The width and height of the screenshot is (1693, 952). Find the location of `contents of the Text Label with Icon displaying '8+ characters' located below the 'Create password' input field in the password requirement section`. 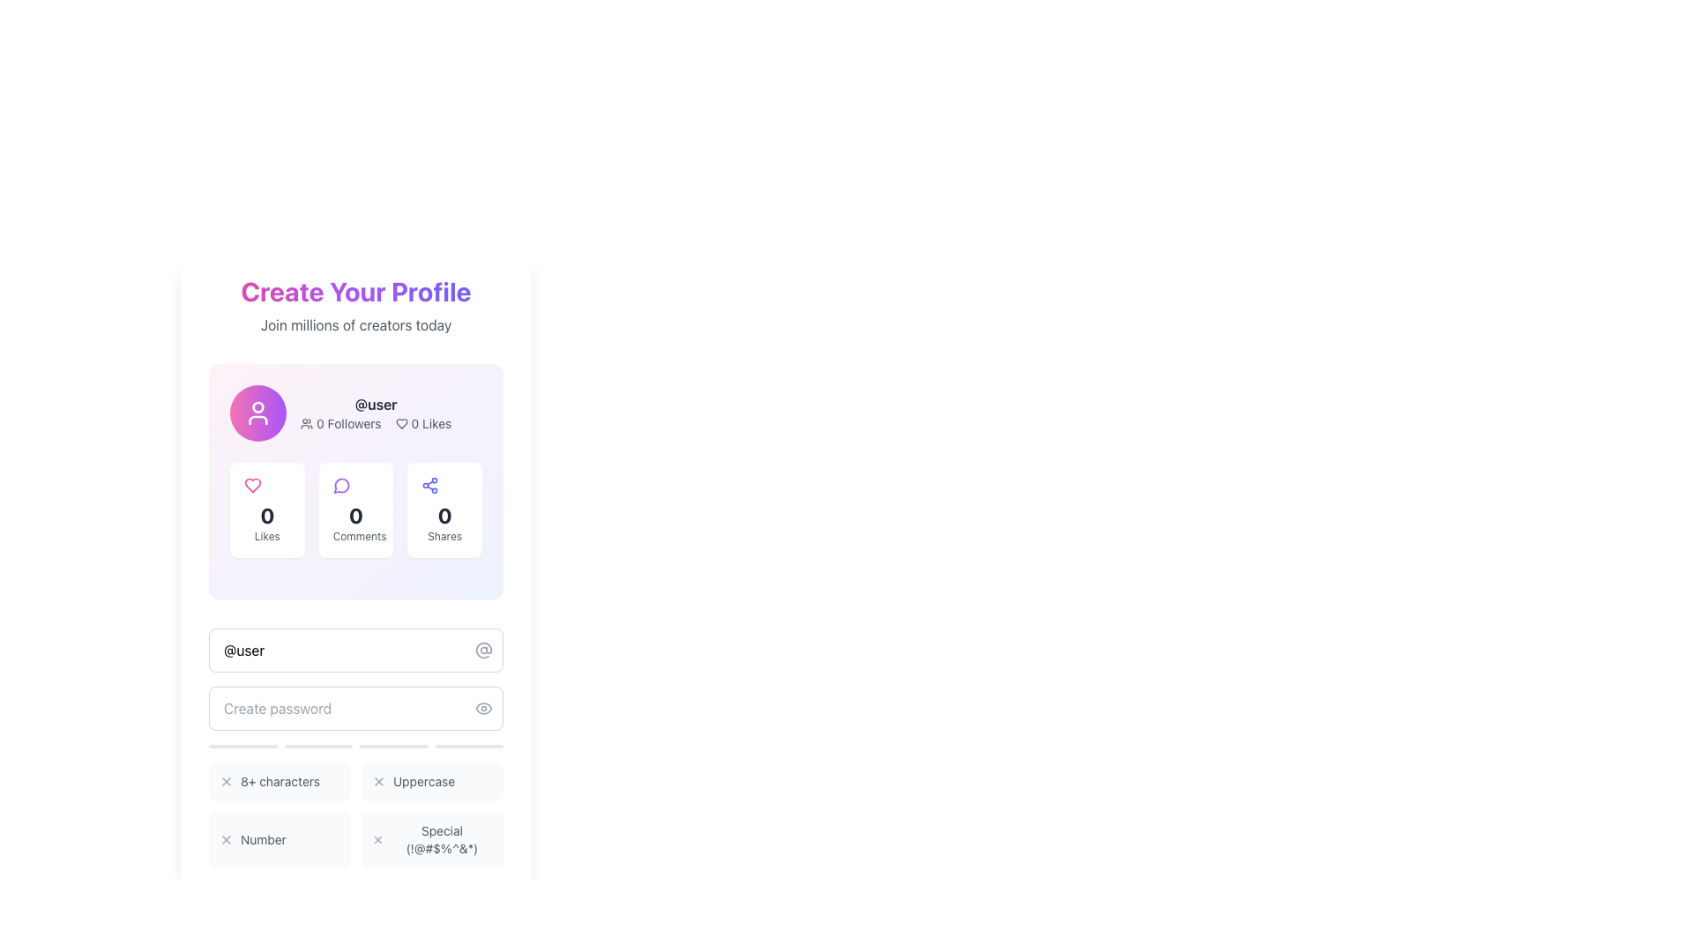

contents of the Text Label with Icon displaying '8+ characters' located below the 'Create password' input field in the password requirement section is located at coordinates (279, 781).